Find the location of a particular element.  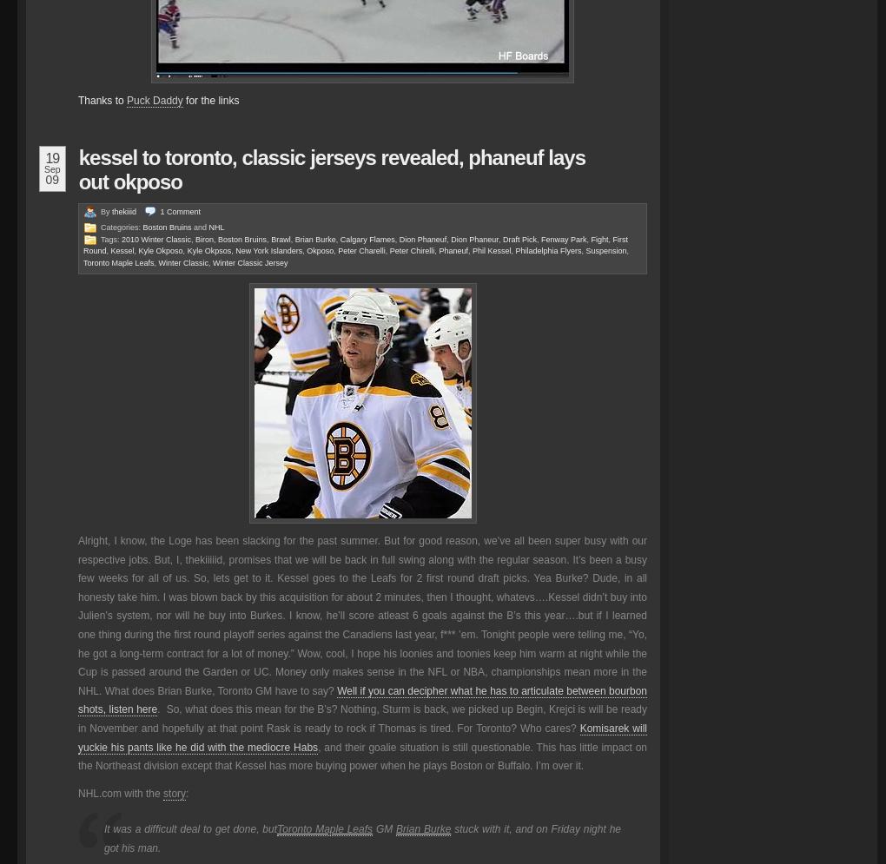

'for the links' is located at coordinates (210, 100).